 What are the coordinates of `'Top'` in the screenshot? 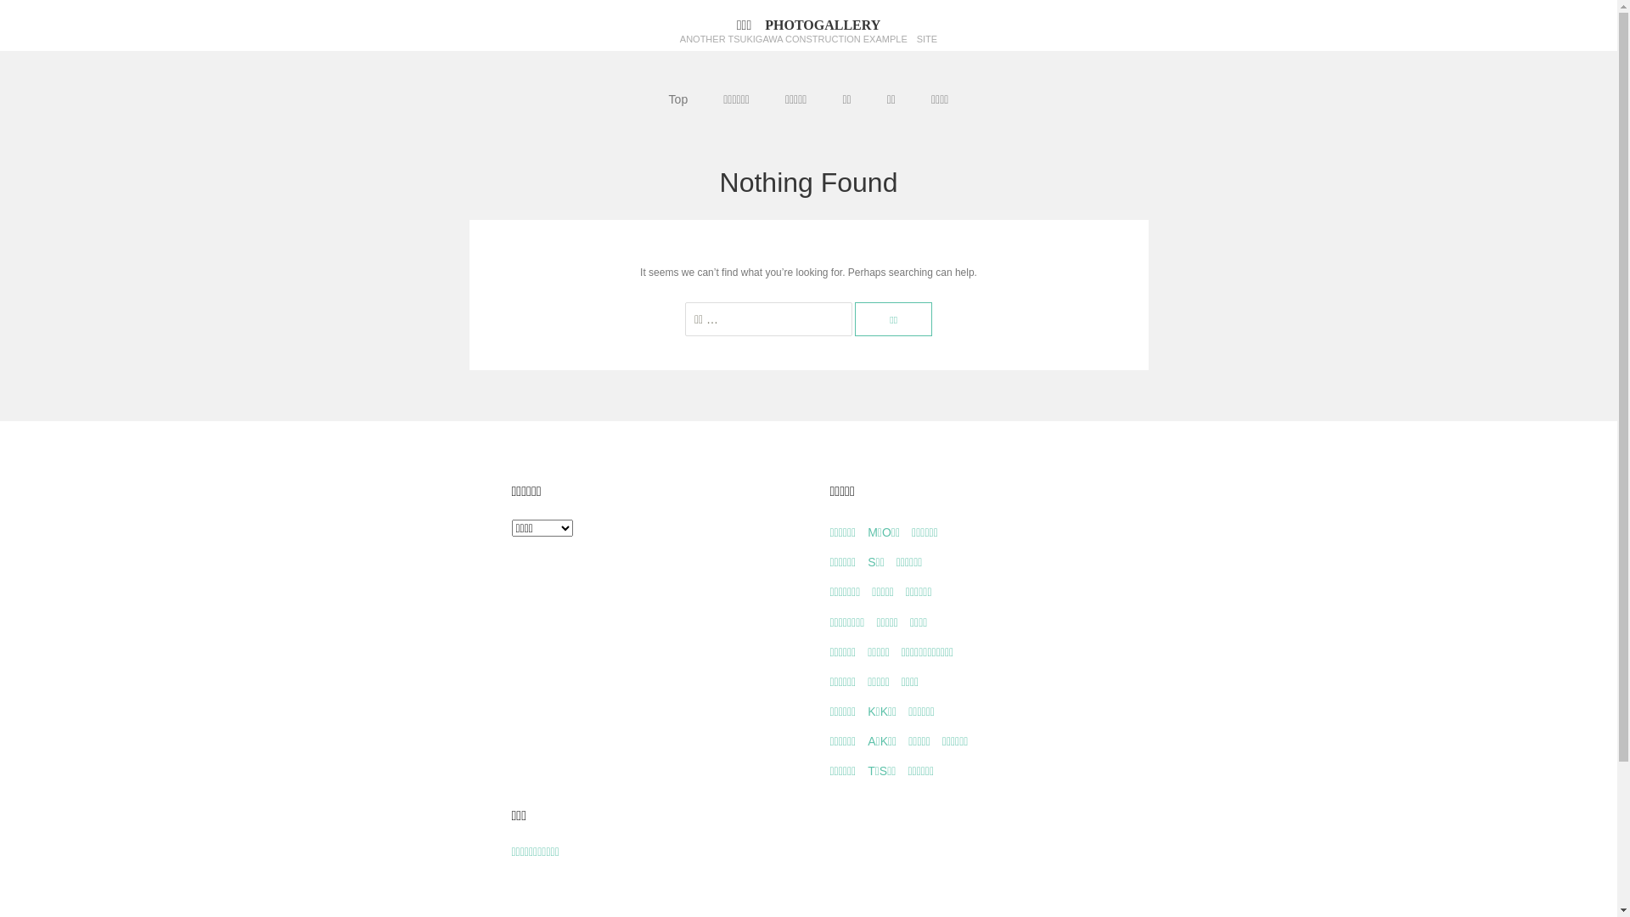 It's located at (677, 98).